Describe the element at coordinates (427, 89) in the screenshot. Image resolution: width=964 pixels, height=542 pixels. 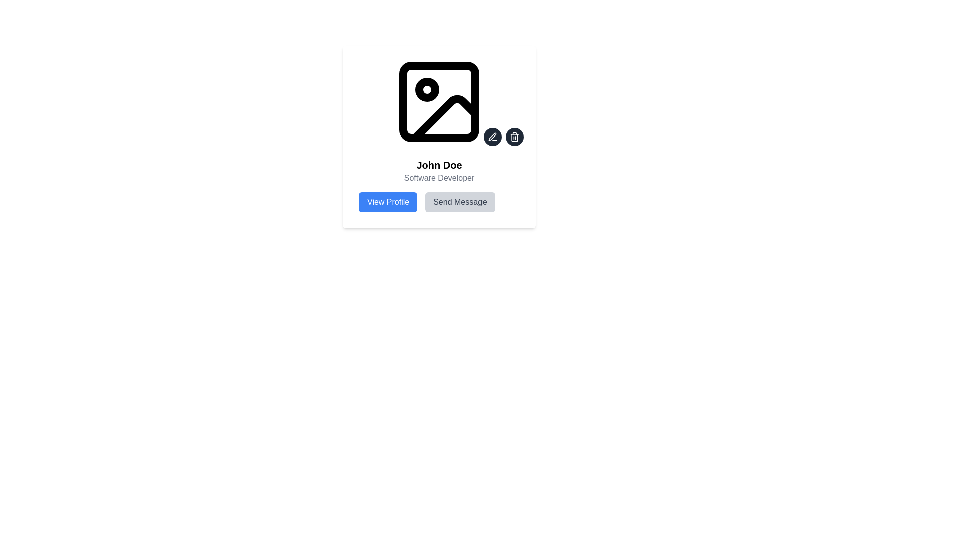
I see `the decorative graphical element that visually represents a camera lens or focus point, located in the top left region of the framed picture icon on the profile card` at that location.